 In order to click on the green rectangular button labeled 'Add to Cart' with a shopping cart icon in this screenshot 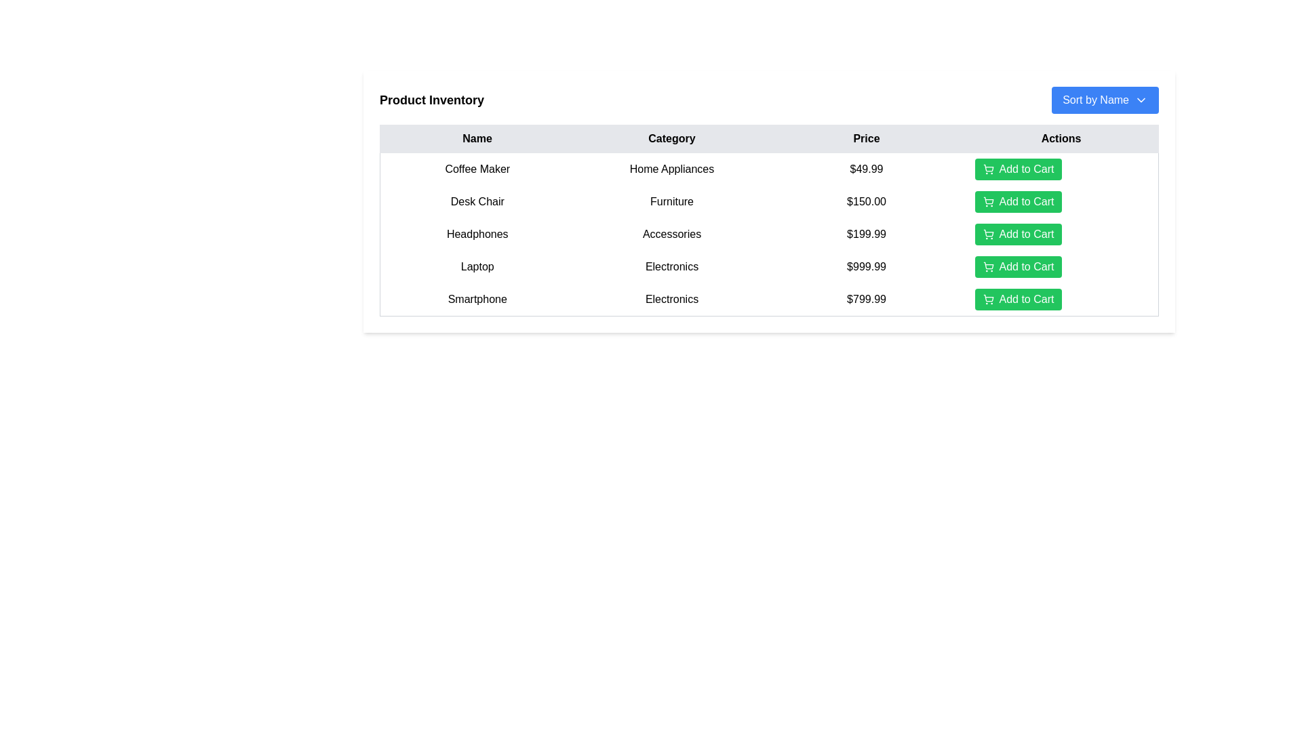, I will do `click(1060, 234)`.